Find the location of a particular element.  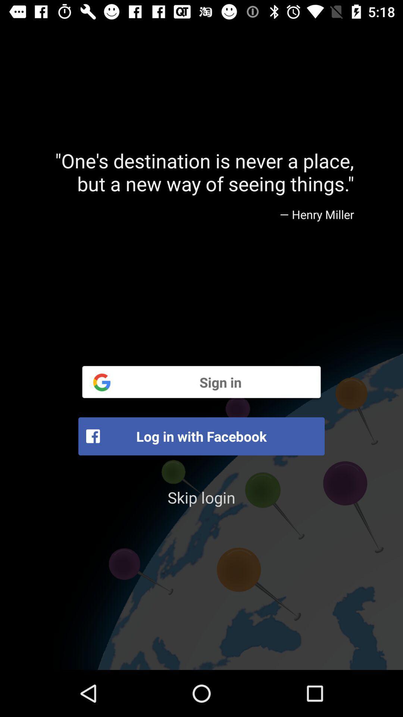

the item below the sign in icon is located at coordinates (201, 436).